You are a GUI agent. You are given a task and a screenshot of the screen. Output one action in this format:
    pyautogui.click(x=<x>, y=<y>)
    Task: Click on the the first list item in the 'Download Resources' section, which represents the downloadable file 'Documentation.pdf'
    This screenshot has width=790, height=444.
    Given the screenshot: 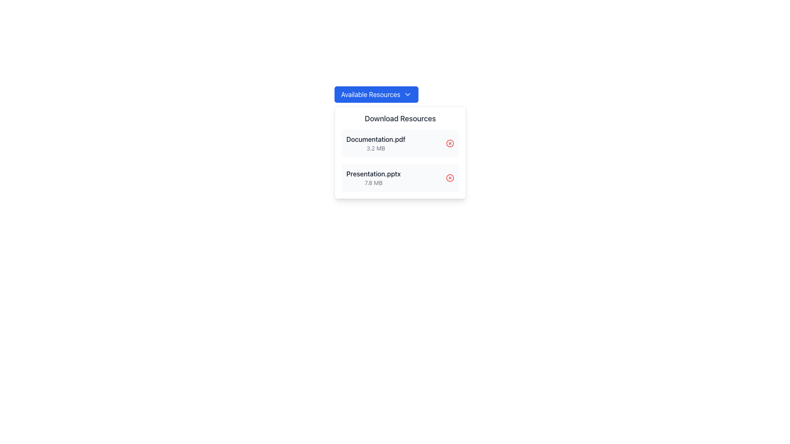 What is the action you would take?
    pyautogui.click(x=400, y=143)
    